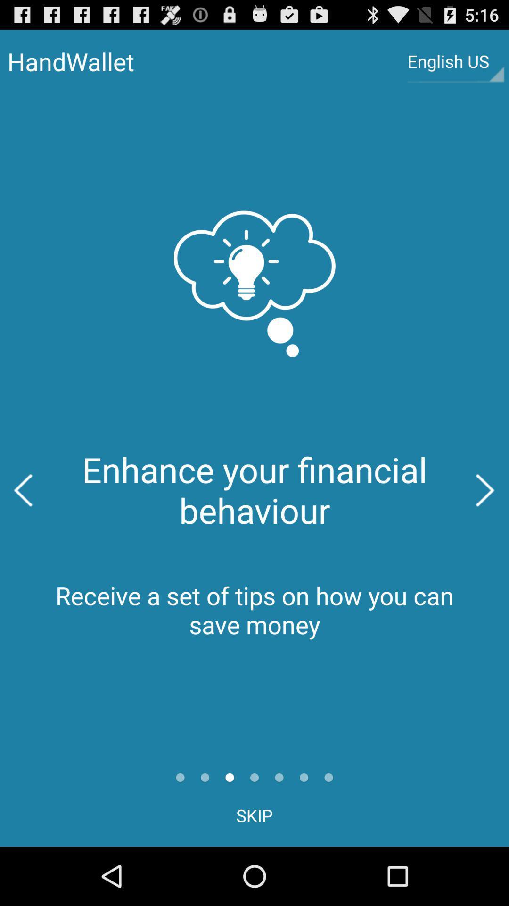 This screenshot has height=906, width=509. Describe the element at coordinates (254, 815) in the screenshot. I see `skip` at that location.